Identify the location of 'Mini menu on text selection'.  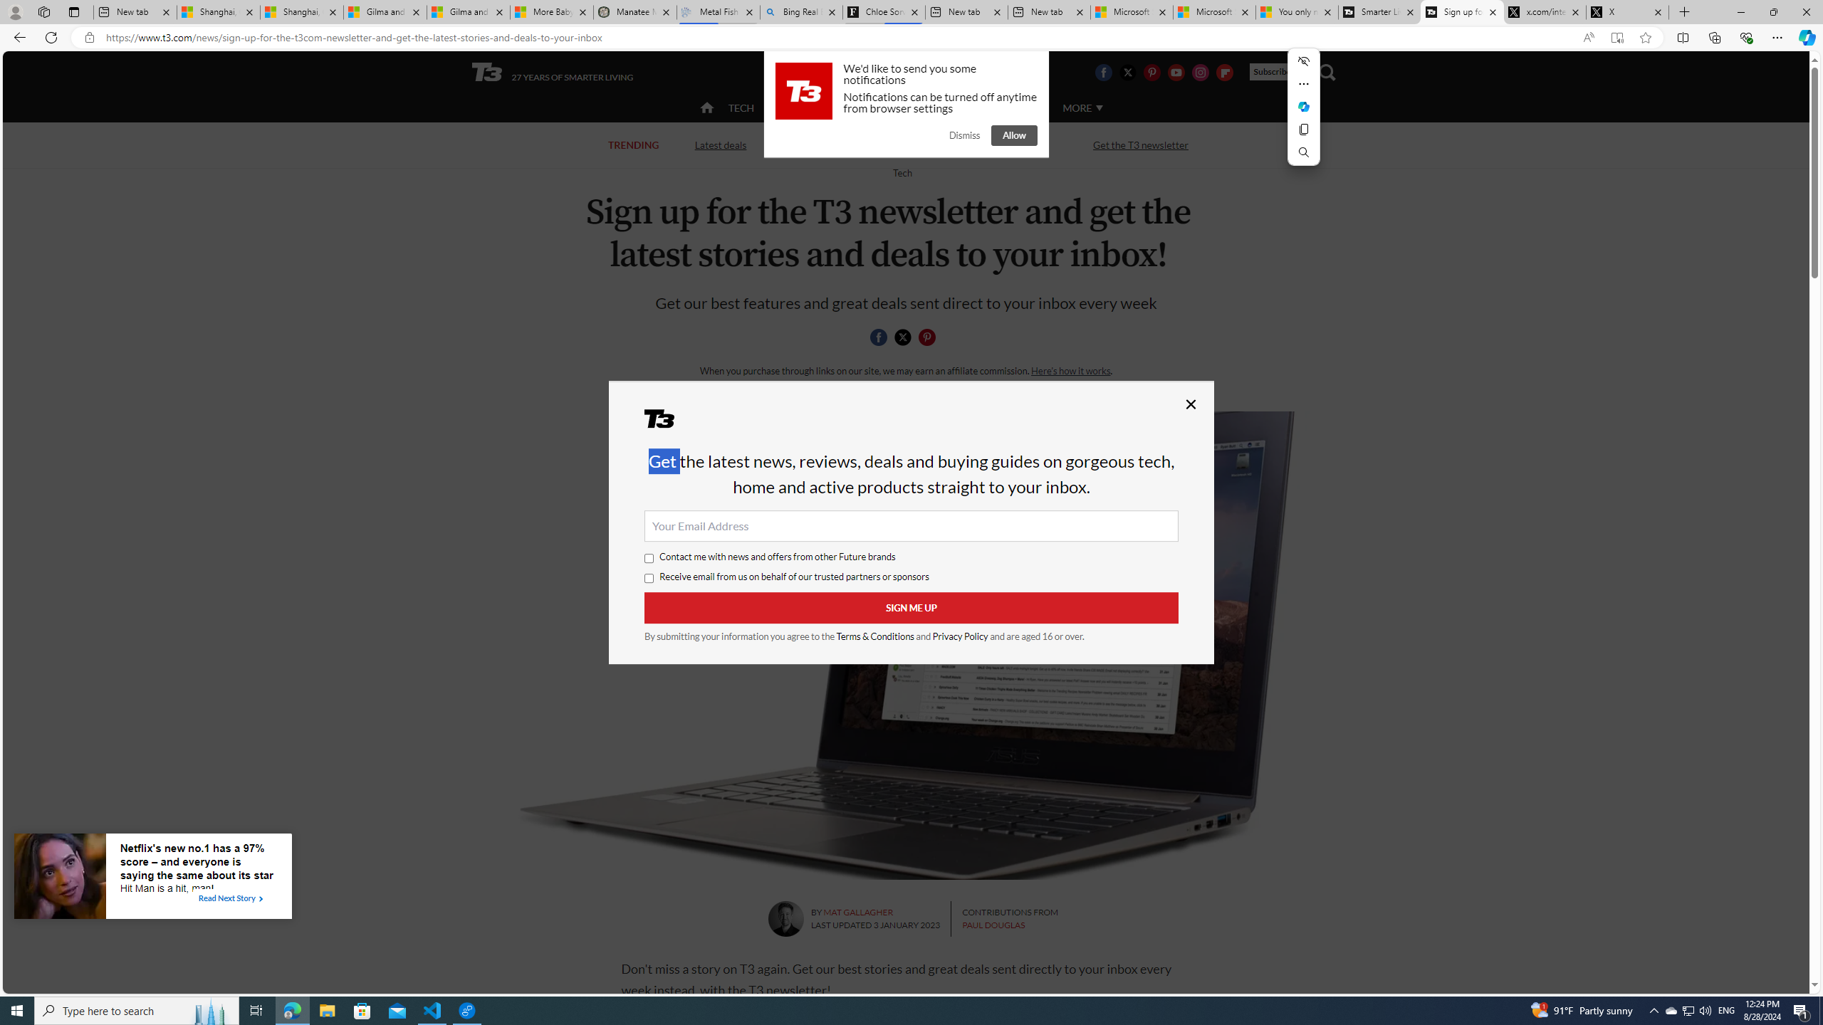
(1303, 106).